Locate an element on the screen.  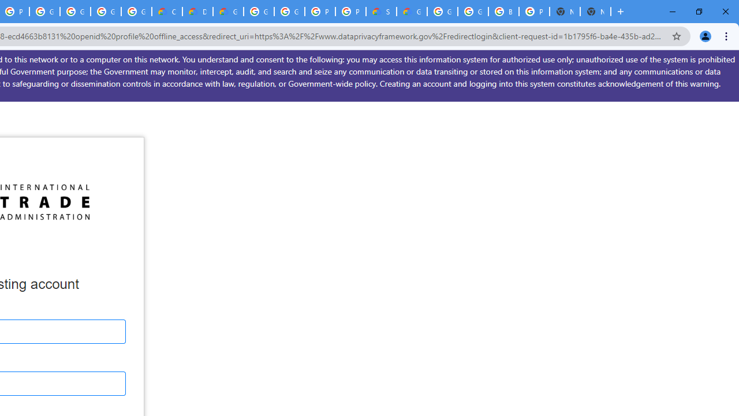
'New Tab' is located at coordinates (595, 12).